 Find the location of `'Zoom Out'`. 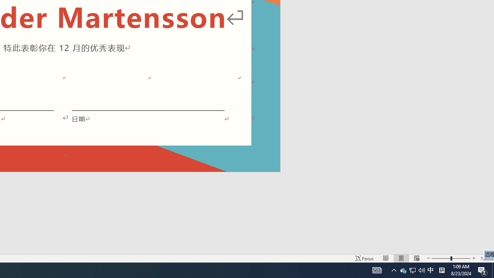

'Zoom Out' is located at coordinates (441, 258).